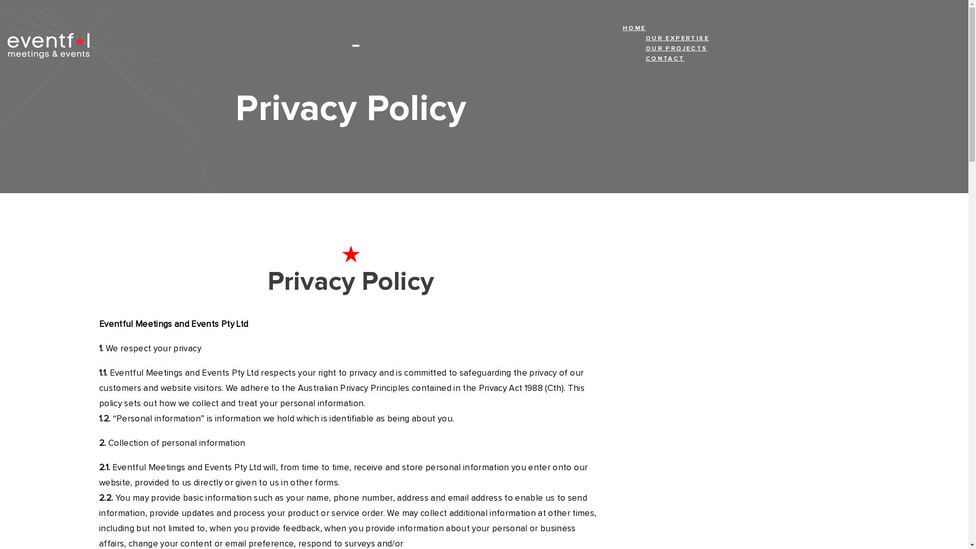 The image size is (976, 549). I want to click on 'OUR PROJECTS', so click(645, 51).